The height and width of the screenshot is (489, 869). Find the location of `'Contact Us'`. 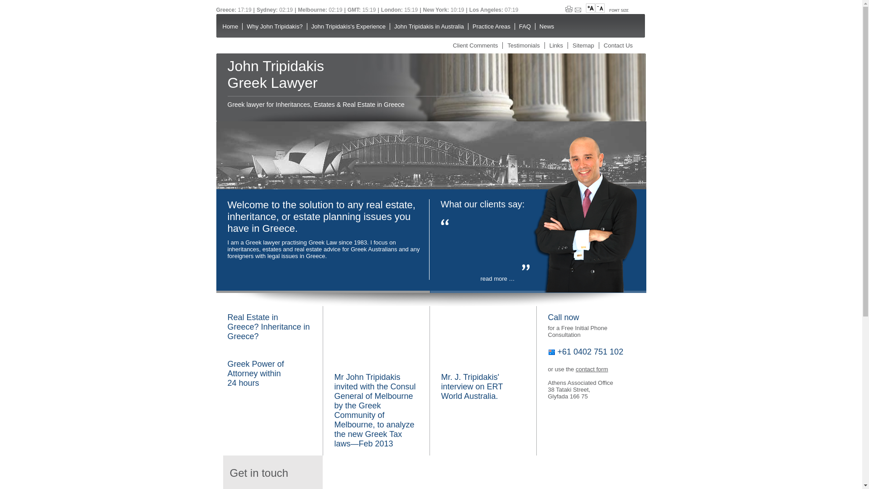

'Contact Us' is located at coordinates (618, 45).